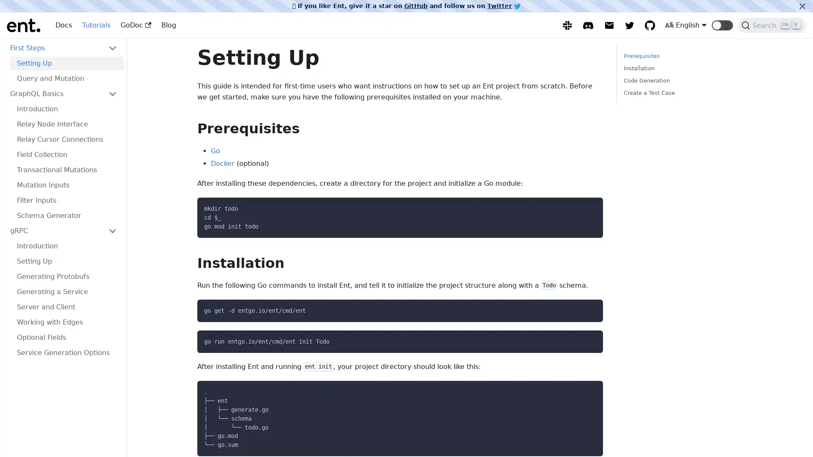  Describe the element at coordinates (772, 25) in the screenshot. I see `Search` at that location.